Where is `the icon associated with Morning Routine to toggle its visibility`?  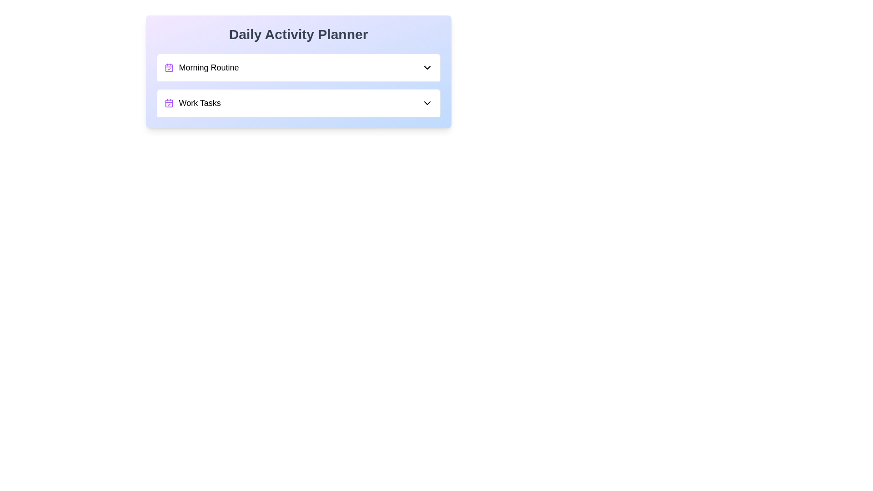
the icon associated with Morning Routine to toggle its visibility is located at coordinates (169, 67).